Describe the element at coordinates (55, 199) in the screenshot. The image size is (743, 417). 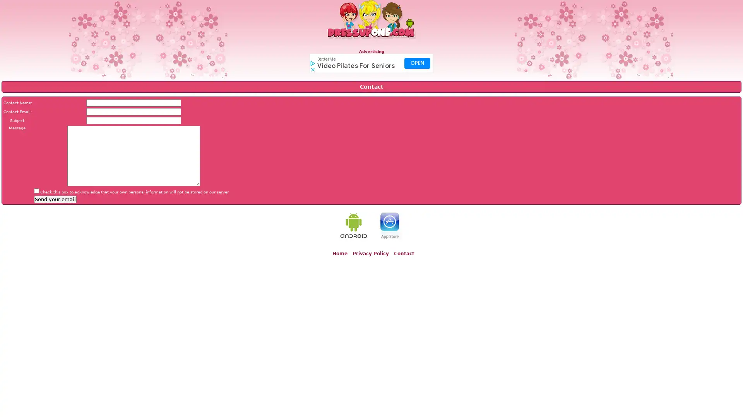
I see `Send your email` at that location.